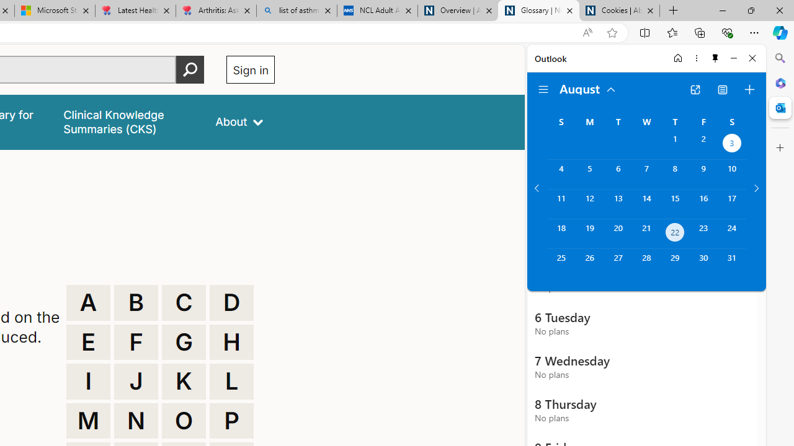  I want to click on 'Sunday, August 11, 2024. ', so click(560, 203).